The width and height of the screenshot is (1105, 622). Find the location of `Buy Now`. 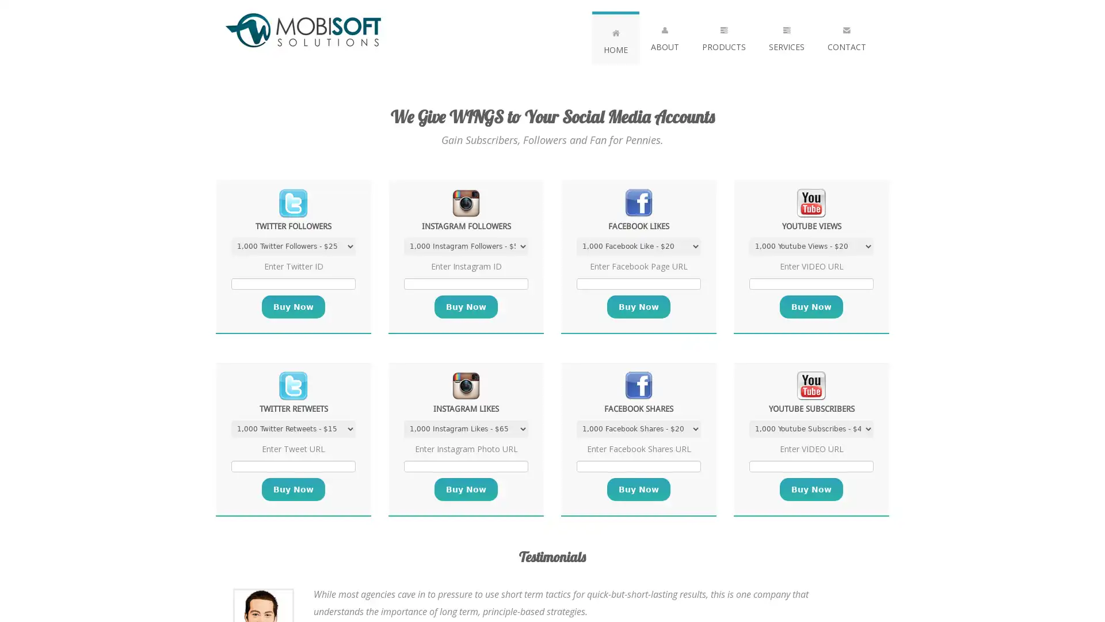

Buy Now is located at coordinates (466, 306).